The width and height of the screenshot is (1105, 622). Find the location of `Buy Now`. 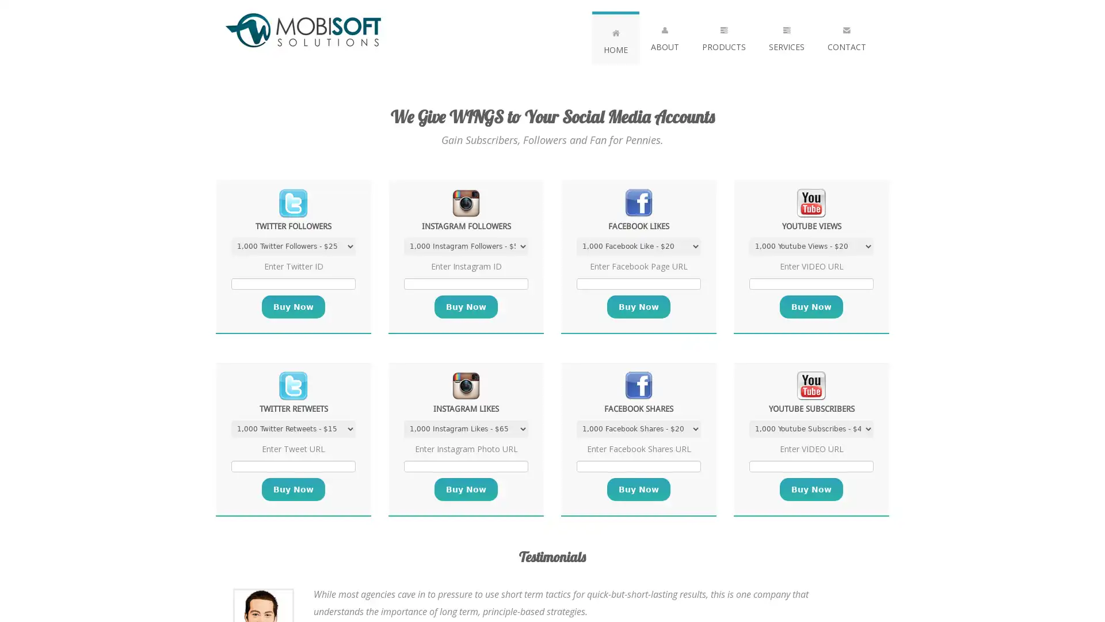

Buy Now is located at coordinates (466, 306).